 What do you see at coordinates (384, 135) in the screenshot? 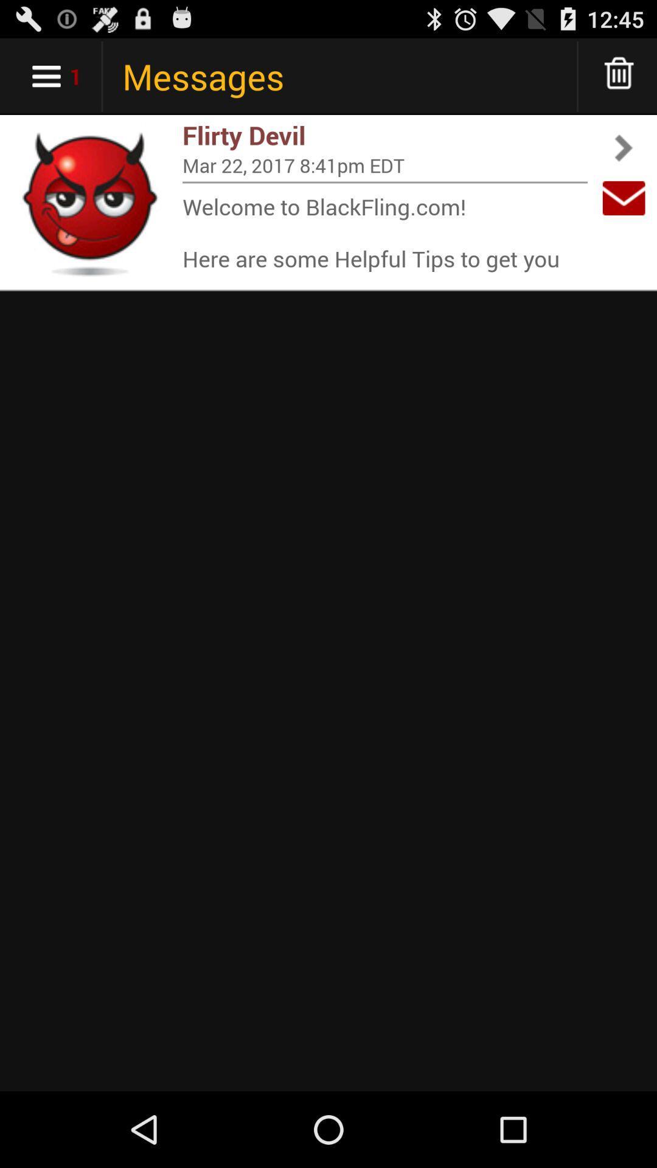
I see `the app below messages app` at bounding box center [384, 135].